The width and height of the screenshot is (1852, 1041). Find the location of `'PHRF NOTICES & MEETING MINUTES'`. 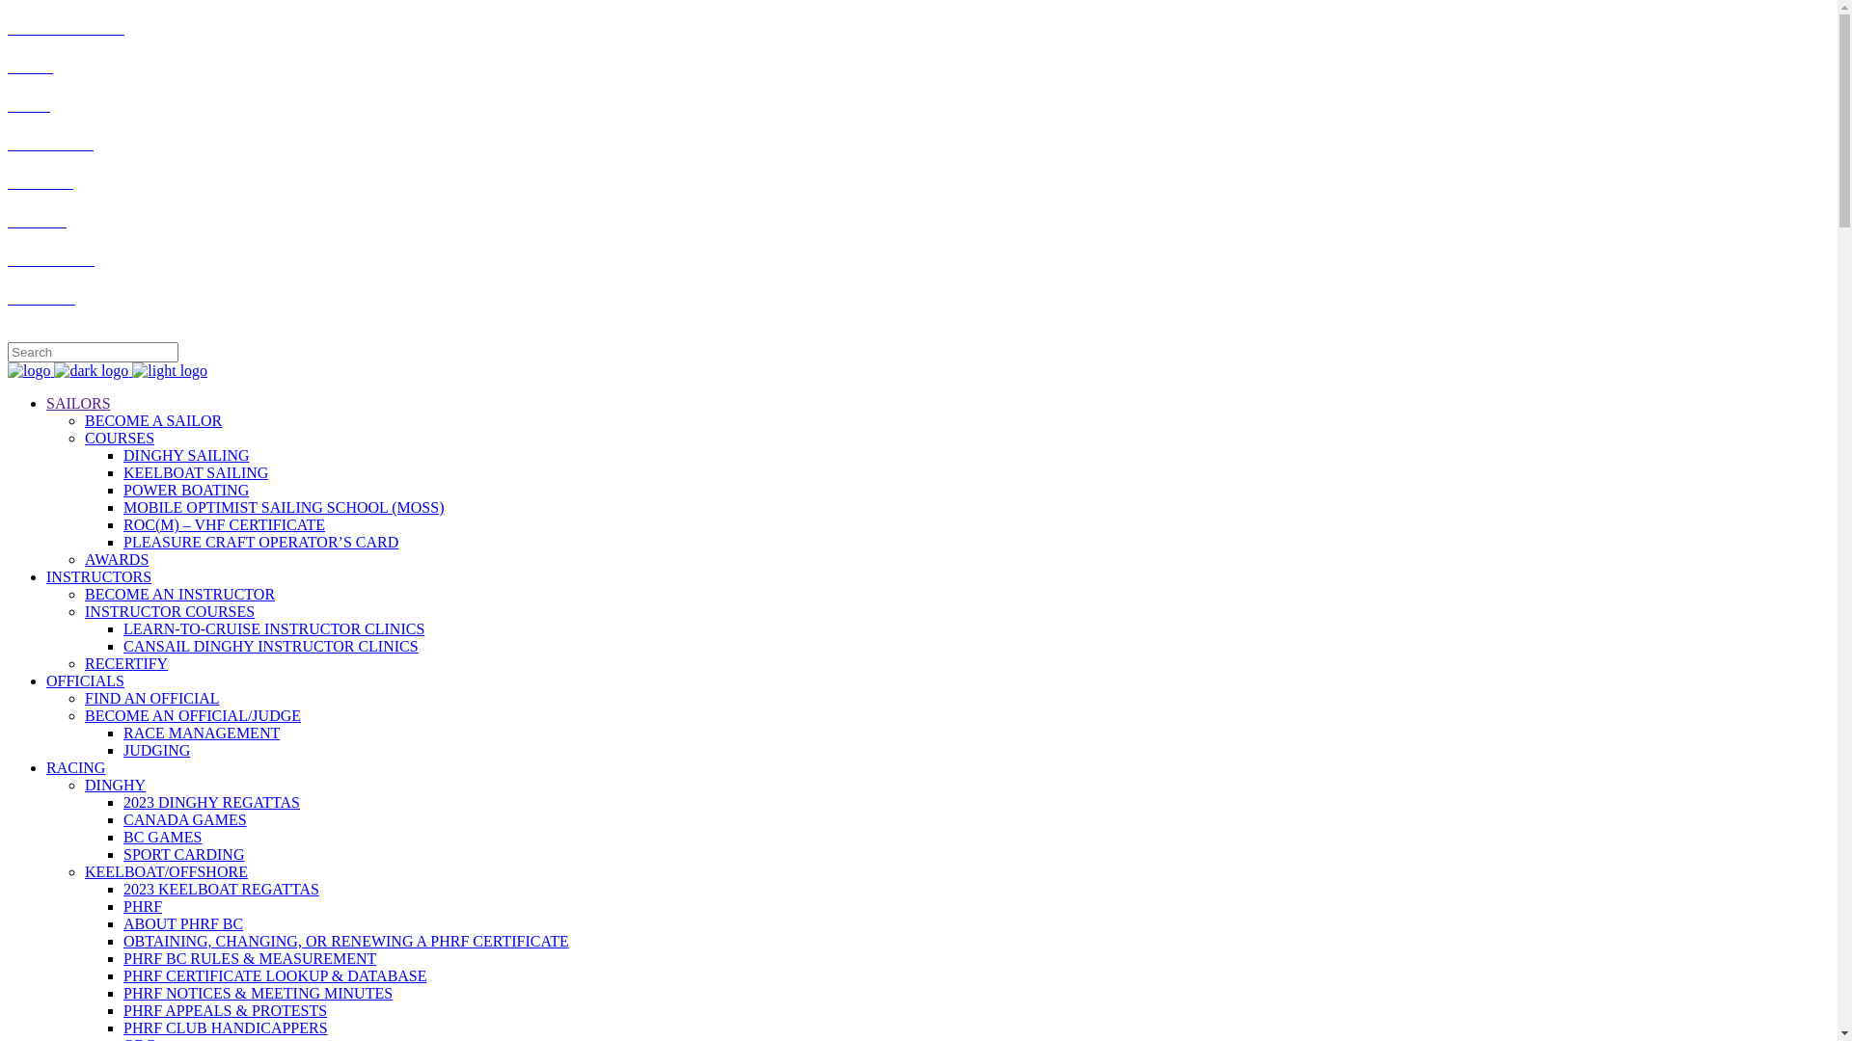

'PHRF NOTICES & MEETING MINUTES' is located at coordinates (257, 993).